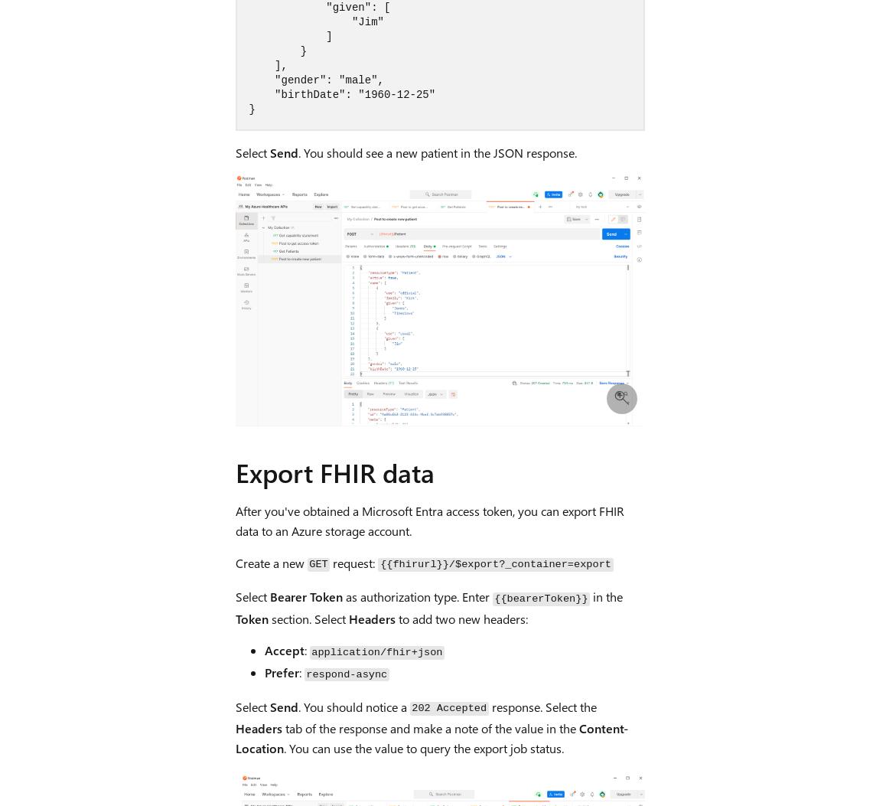 This screenshot has width=886, height=806. What do you see at coordinates (307, 618) in the screenshot?
I see `'section. Select'` at bounding box center [307, 618].